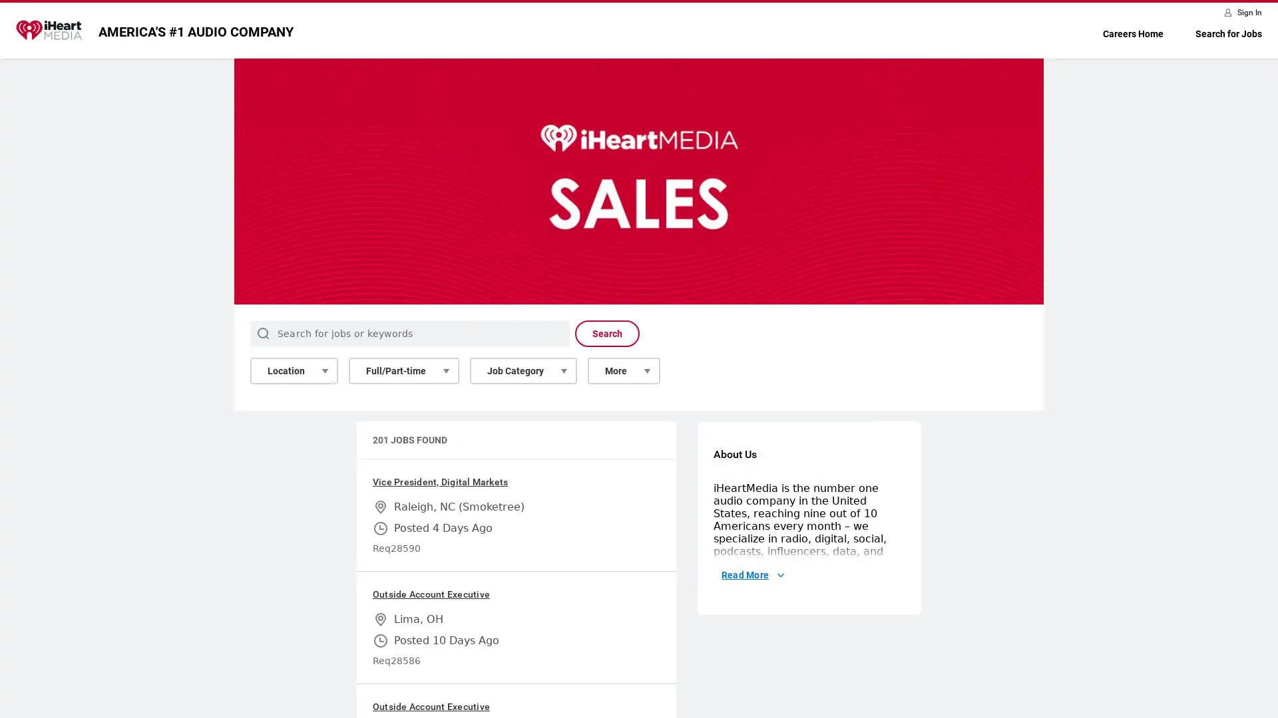 The width and height of the screenshot is (1278, 718). What do you see at coordinates (1241, 12) in the screenshot?
I see `Sign In` at bounding box center [1241, 12].